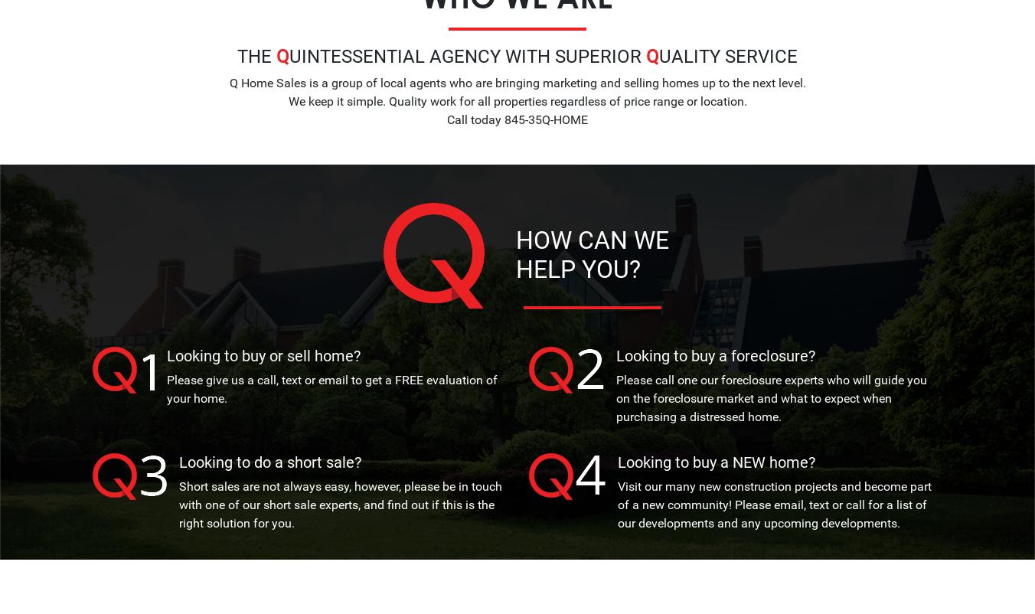 The image size is (1035, 614). What do you see at coordinates (591, 239) in the screenshot?
I see `'How can we'` at bounding box center [591, 239].